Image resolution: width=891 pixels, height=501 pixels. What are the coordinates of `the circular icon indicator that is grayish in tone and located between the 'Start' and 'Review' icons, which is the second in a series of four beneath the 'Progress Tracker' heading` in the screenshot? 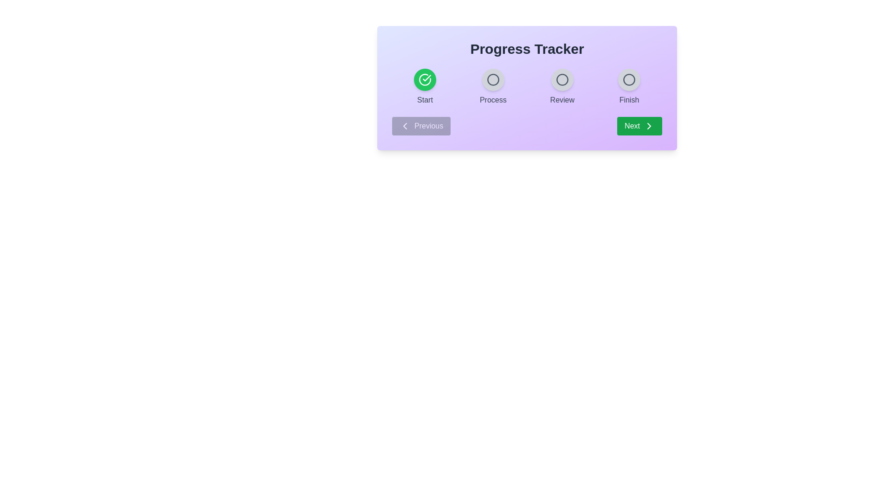 It's located at (492, 79).